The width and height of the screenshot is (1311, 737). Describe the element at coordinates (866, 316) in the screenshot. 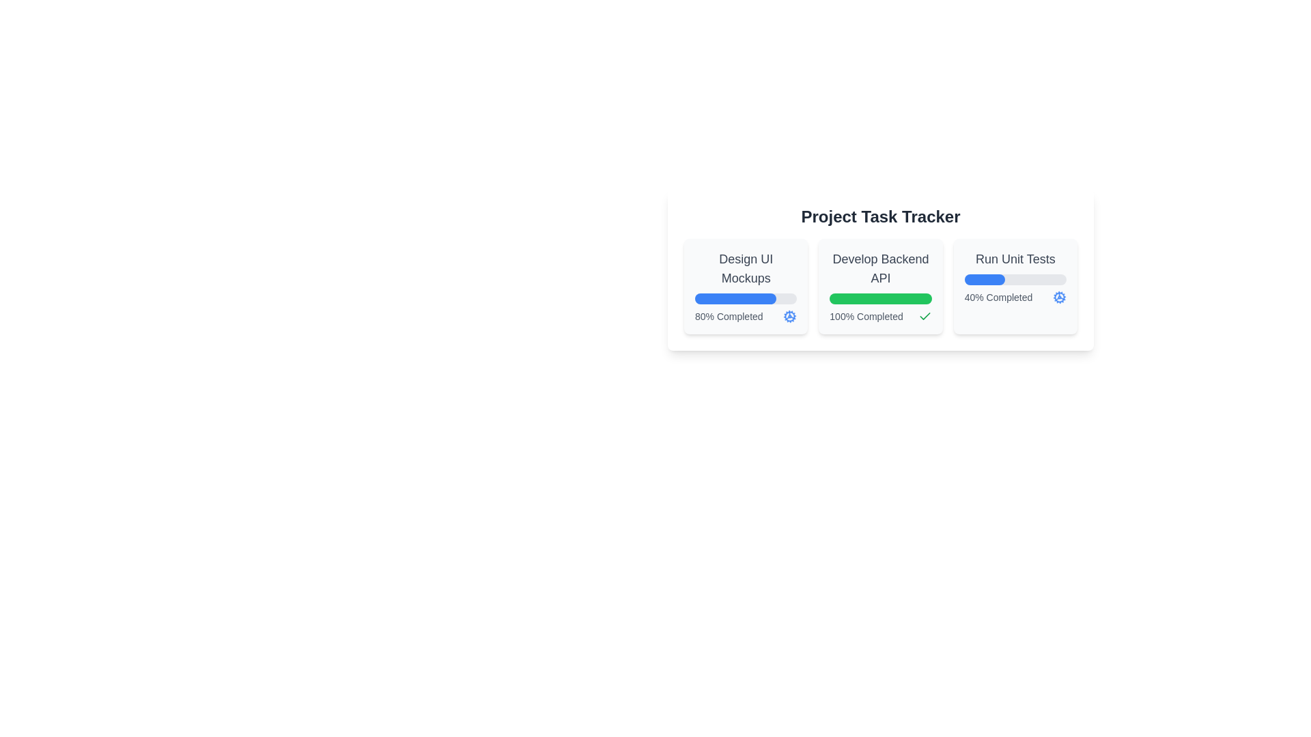

I see `text label displaying '100% Completed' located at the bottom-left corner of the 'Develop Backend API' task card to understand the completion status` at that location.